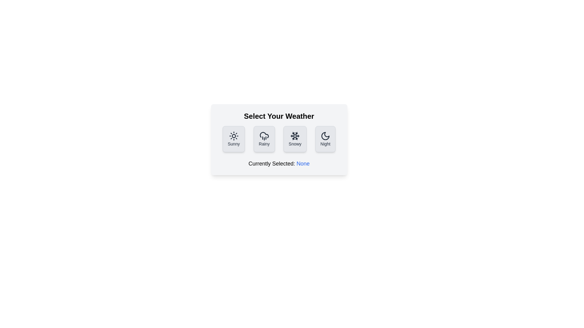  Describe the element at coordinates (296, 134) in the screenshot. I see `the lower-right triangular component of the snowflake icon in the 'Snowy' weather card, which is the third card from the left in a row of four weather type buttons` at that location.